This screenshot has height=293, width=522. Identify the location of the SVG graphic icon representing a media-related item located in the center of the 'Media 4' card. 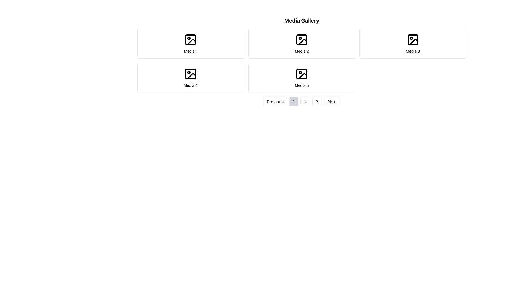
(191, 74).